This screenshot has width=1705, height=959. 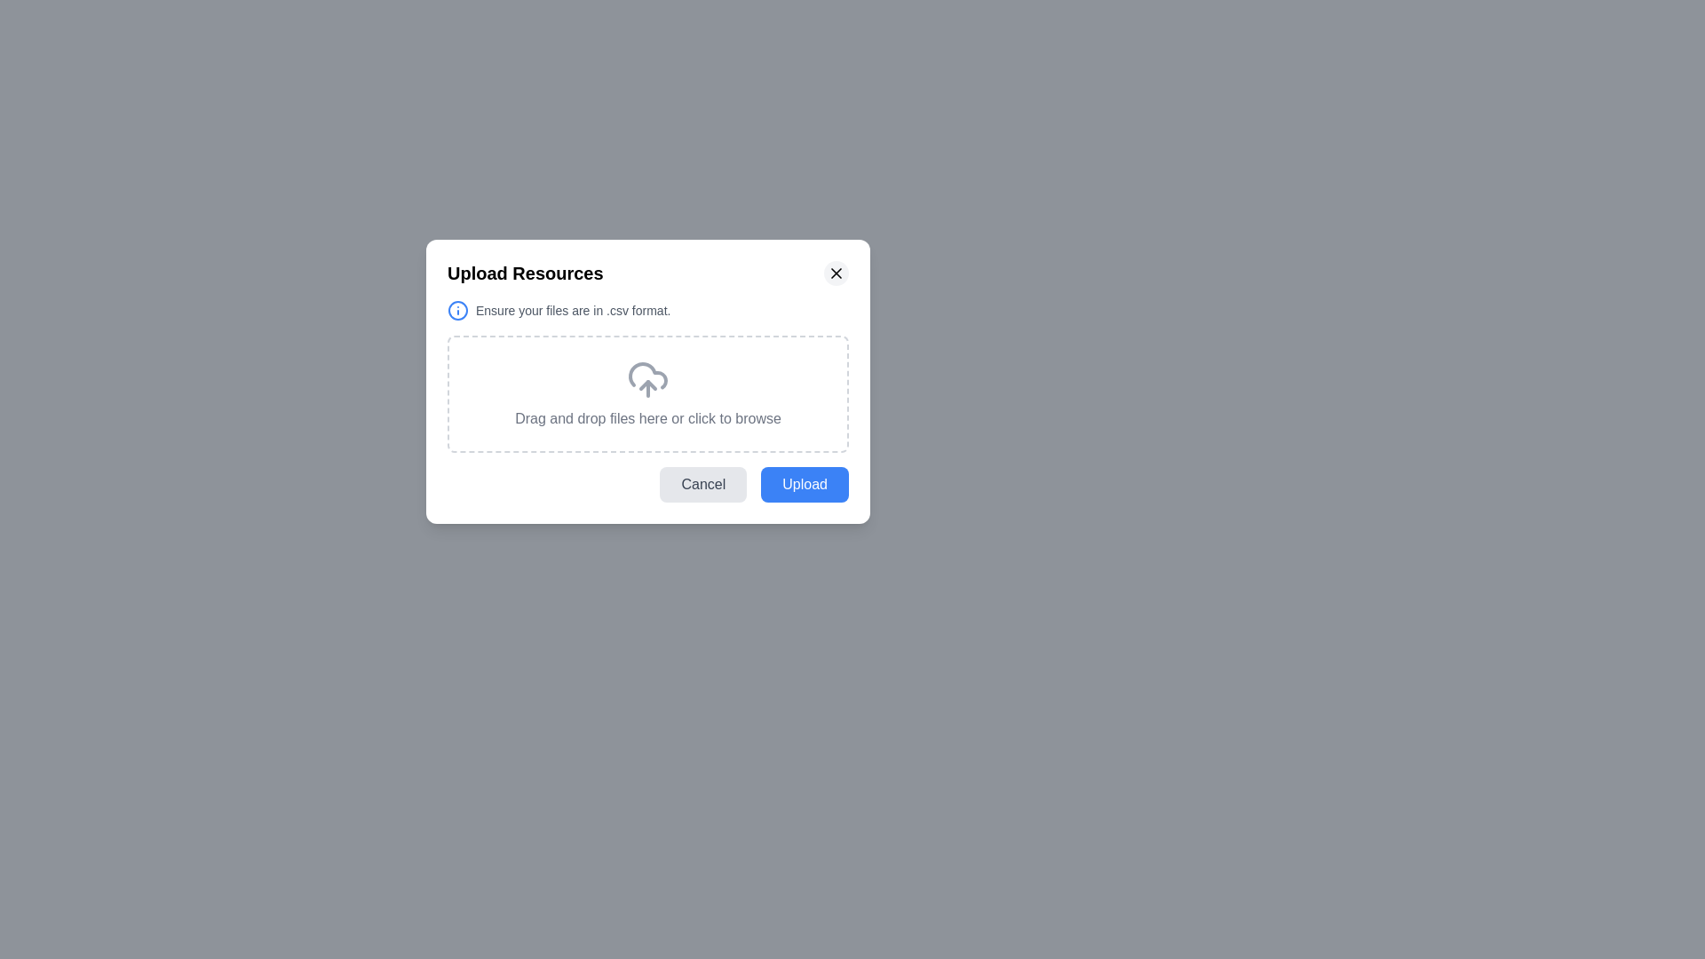 I want to click on the 'X' icon located at the top-right corner of the modal dialog box, so click(x=835, y=273).